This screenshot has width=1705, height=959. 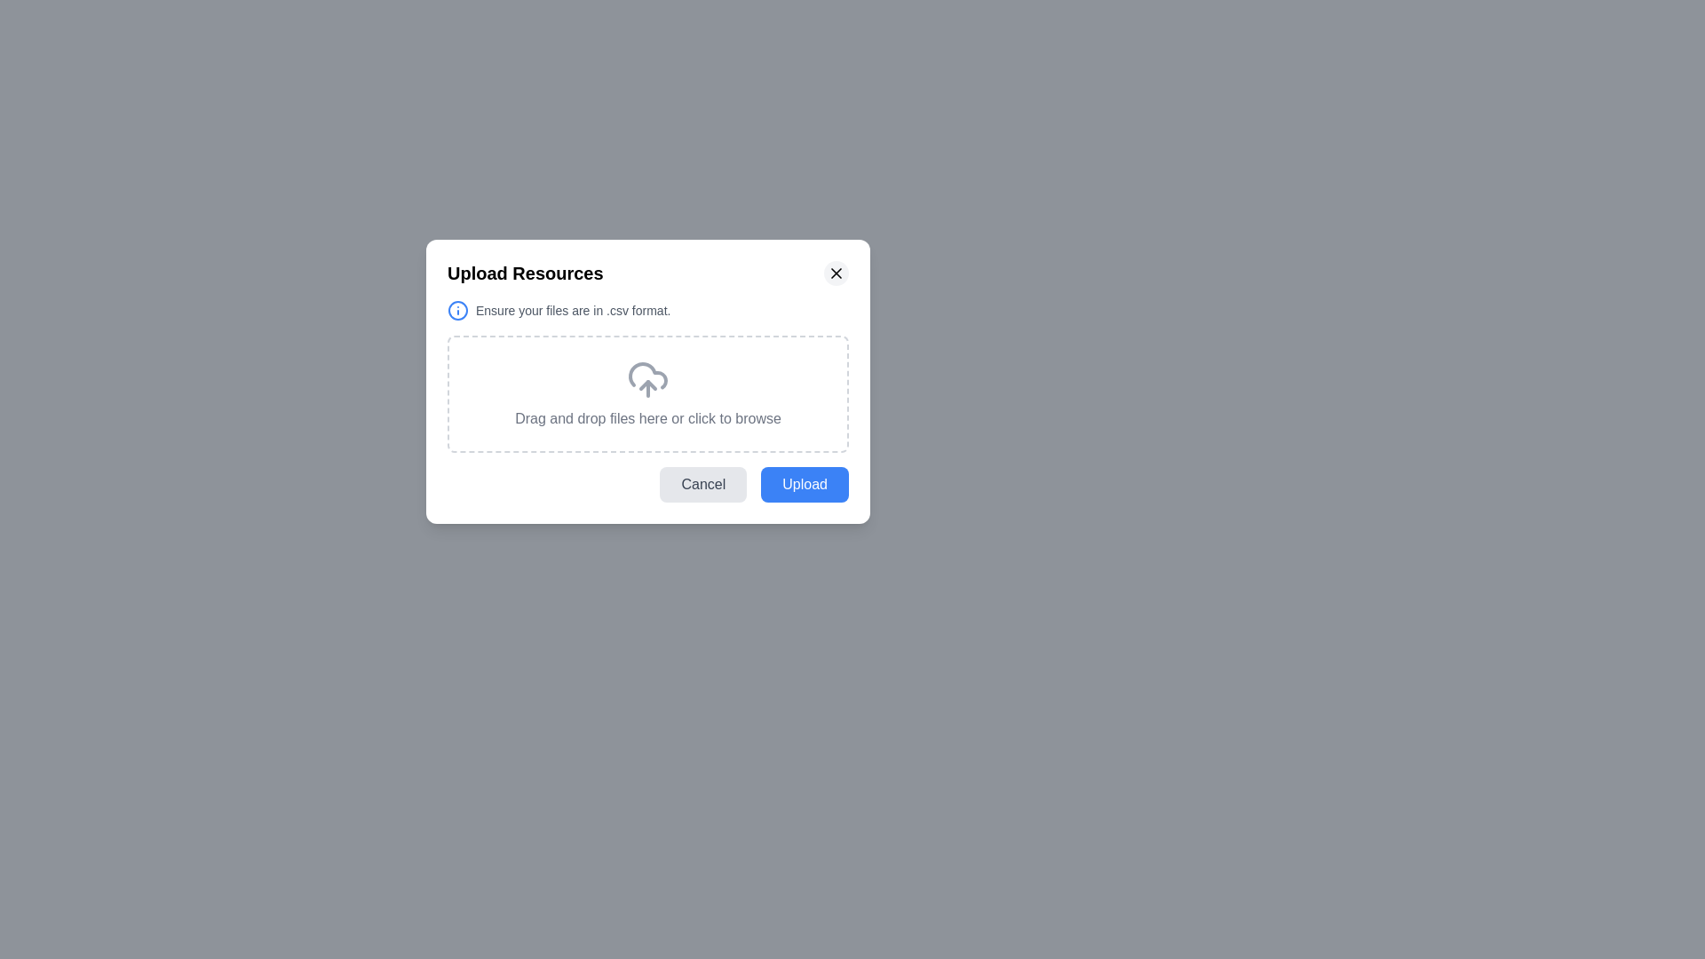 I want to click on the 'X' icon located at the top-right corner of the modal dialog box, so click(x=835, y=273).